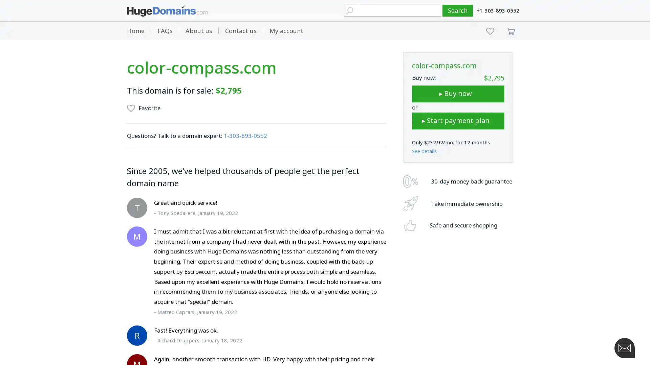  Describe the element at coordinates (458, 10) in the screenshot. I see `Search` at that location.